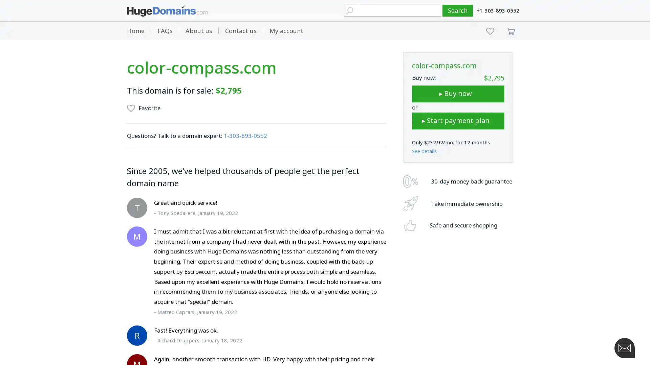  Describe the element at coordinates (458, 10) in the screenshot. I see `Search` at that location.